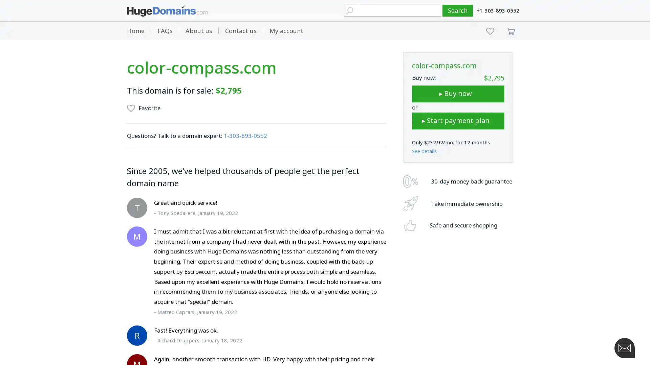  Describe the element at coordinates (458, 10) in the screenshot. I see `Search` at that location.